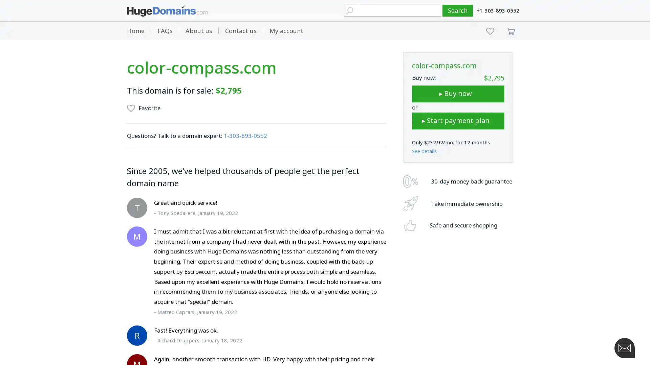  Describe the element at coordinates (458, 10) in the screenshot. I see `Search` at that location.